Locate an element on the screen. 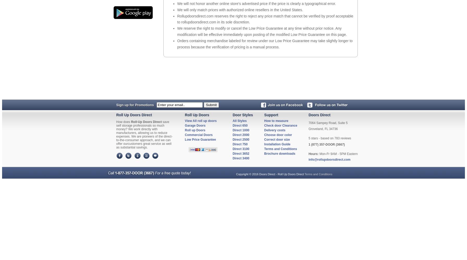 The image size is (467, 260). 'Doors Direct' is located at coordinates (319, 114).